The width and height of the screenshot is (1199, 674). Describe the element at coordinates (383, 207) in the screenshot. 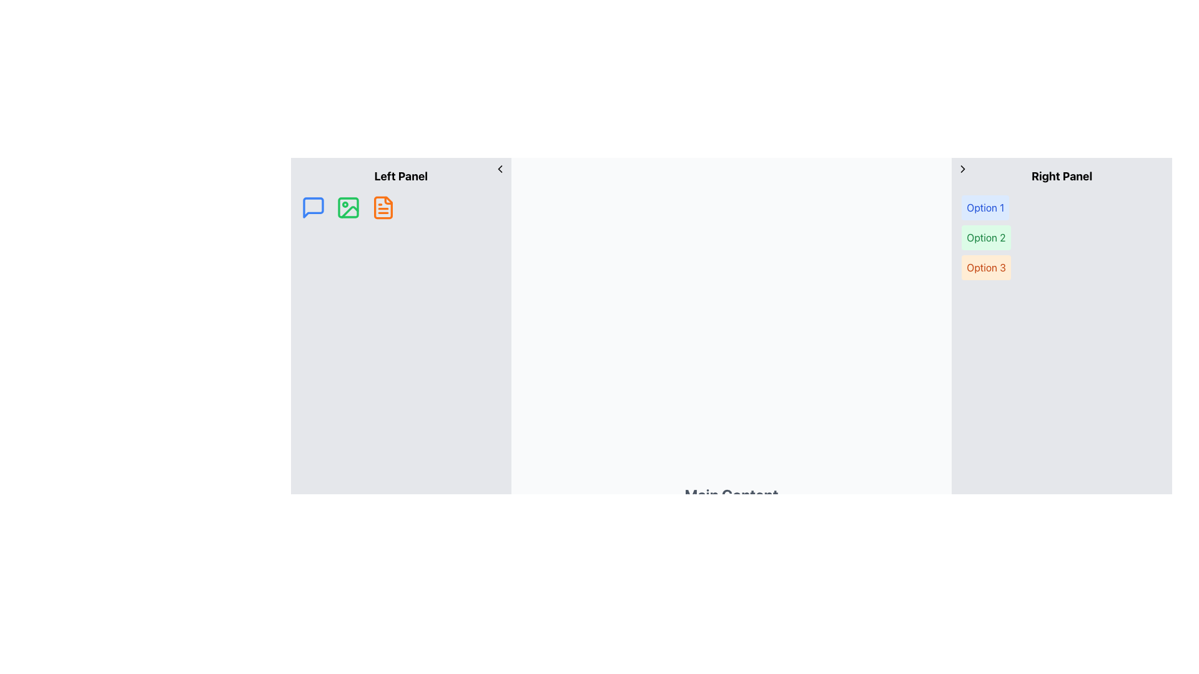

I see `the third graphical icon in the left panel, which represents a file-related feature` at that location.